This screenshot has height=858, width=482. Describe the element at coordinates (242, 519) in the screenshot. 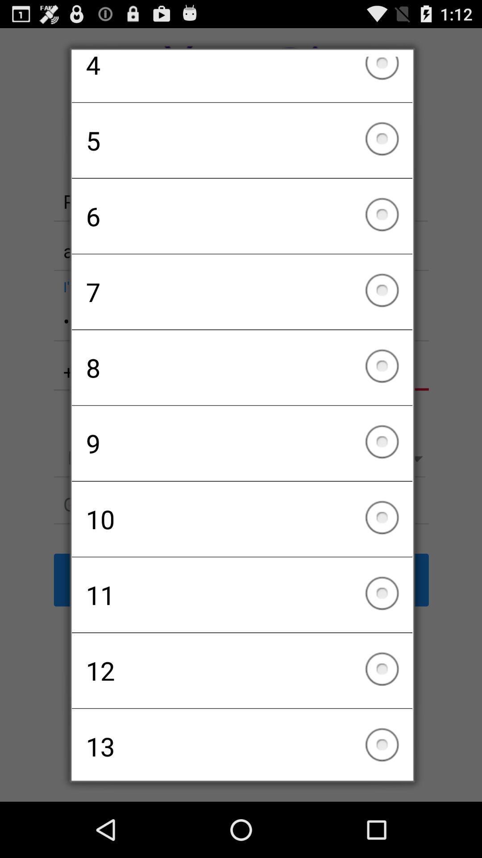

I see `the icon above the 11 item` at that location.